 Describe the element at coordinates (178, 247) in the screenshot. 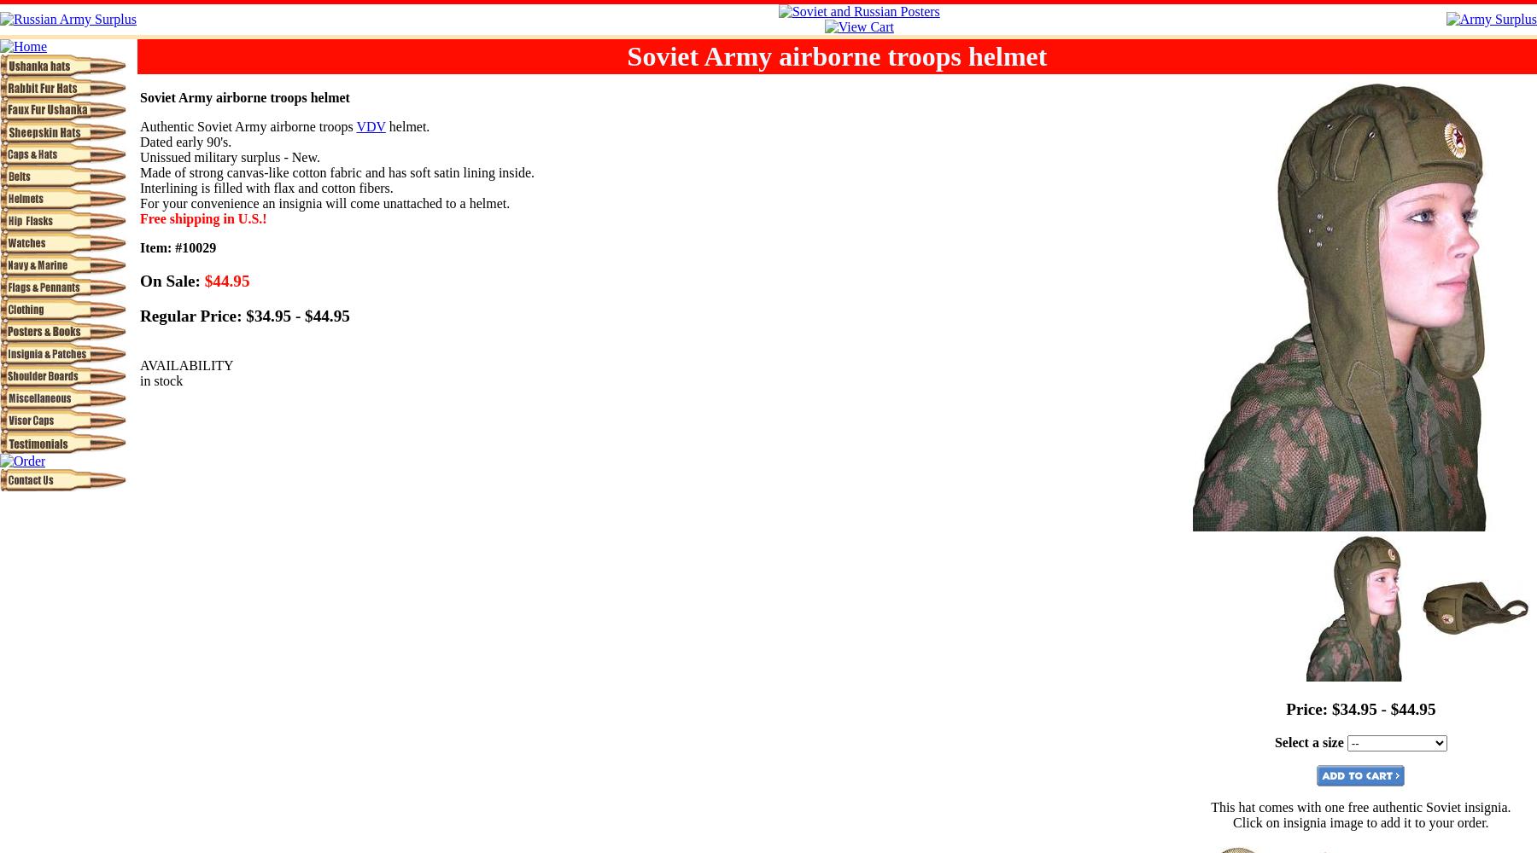

I see `'Item: #10029'` at that location.